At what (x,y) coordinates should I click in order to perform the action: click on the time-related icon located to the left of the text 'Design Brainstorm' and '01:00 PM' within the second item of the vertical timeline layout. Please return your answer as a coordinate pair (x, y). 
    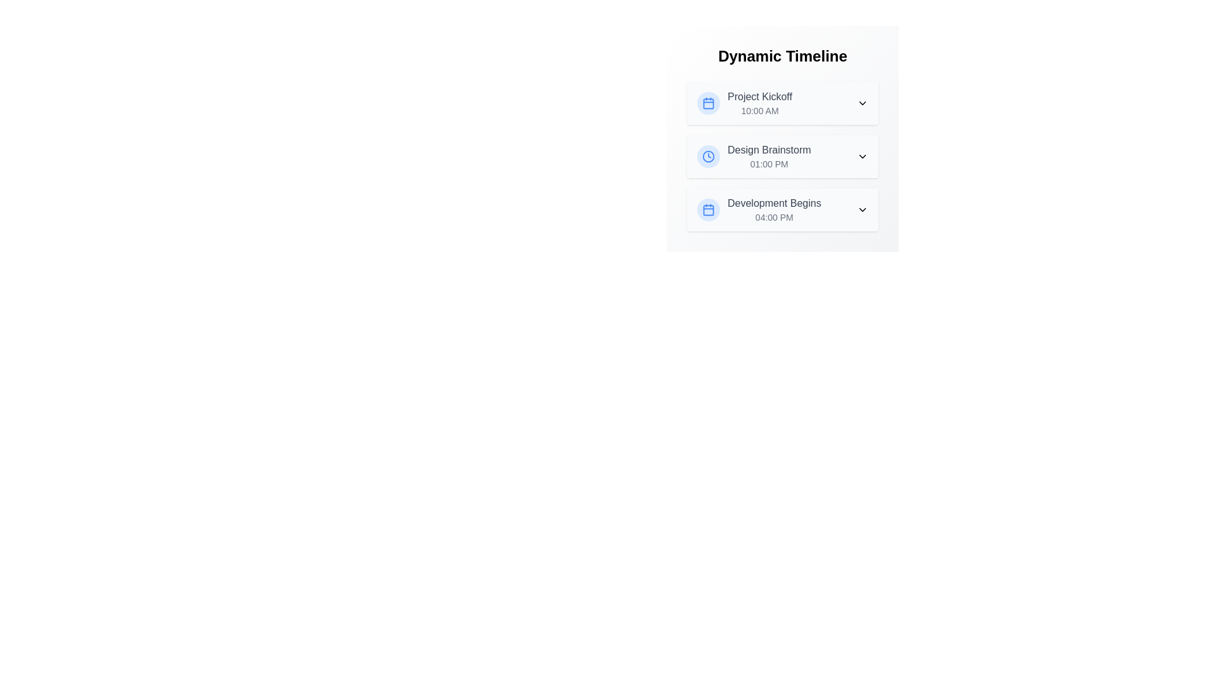
    Looking at the image, I should click on (708, 155).